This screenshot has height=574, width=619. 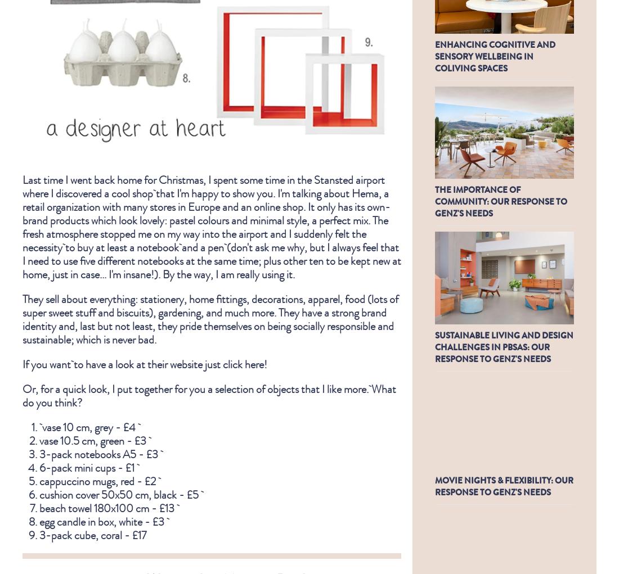 I want to click on 'Last time I went back home for Christmas, I spent some time in the Stansted airport where I discovered a cool shop that I'm happy to show you. I'm talking about Hema, a retail organization with many stores in Europe and an online shop. It only has its own-brand products which look lovely: pastel colours and minimal style, a perfect mix. The fresh atmosphere stopped me on my way into the airport and I suddenly felt the necessity to buy at least a notebook and a pen (don't ask me why, but I always feel that I need to use five different notebooks at the same time; plus other ten to be kept new at home, just in case... I'm insane!). By the way, I am really using it.', so click(x=22, y=225).